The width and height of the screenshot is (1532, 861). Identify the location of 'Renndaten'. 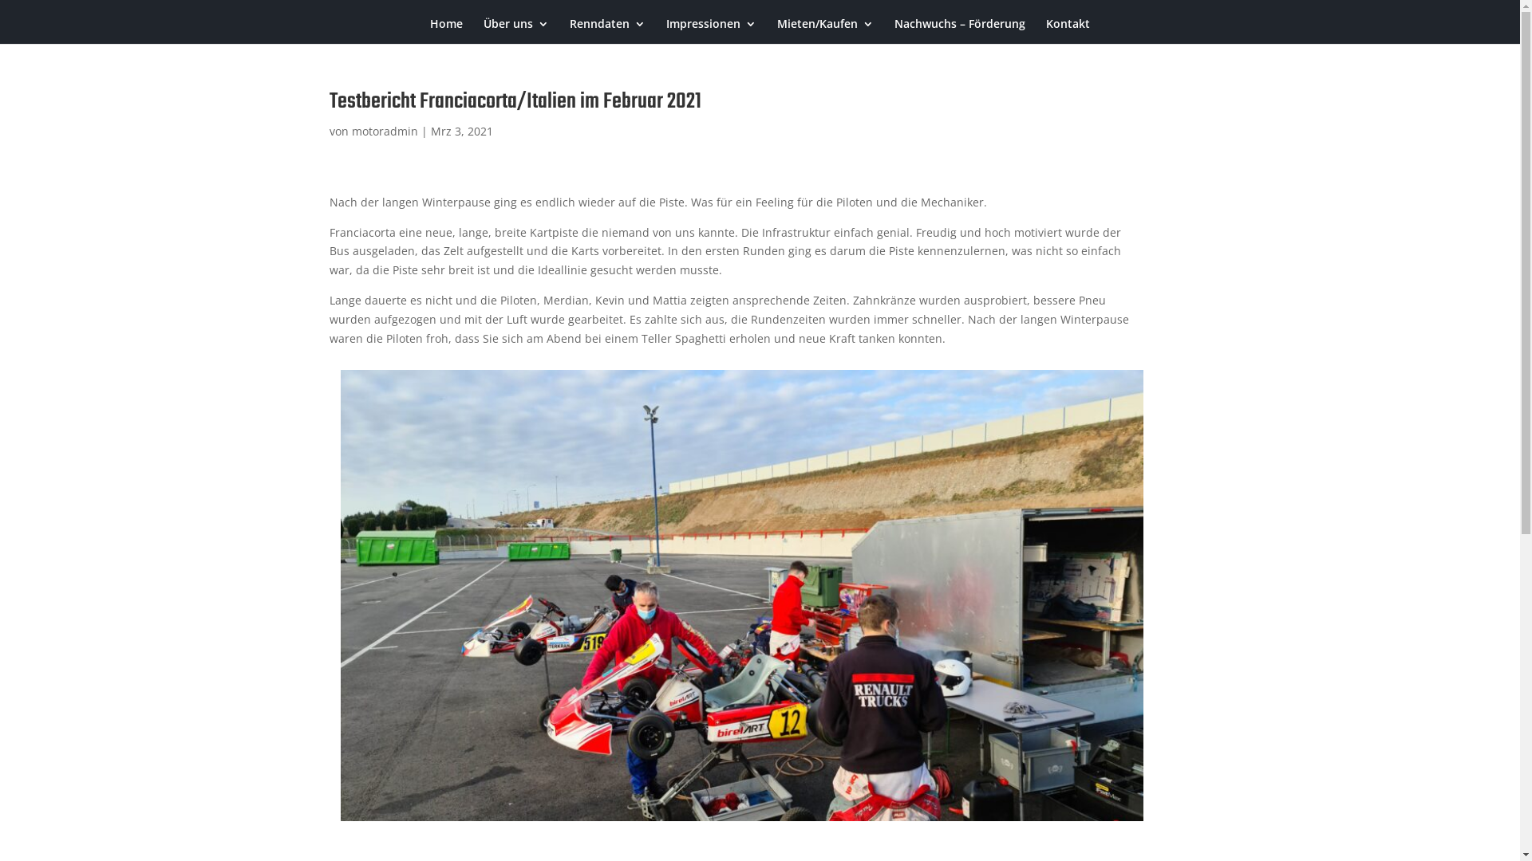
(606, 30).